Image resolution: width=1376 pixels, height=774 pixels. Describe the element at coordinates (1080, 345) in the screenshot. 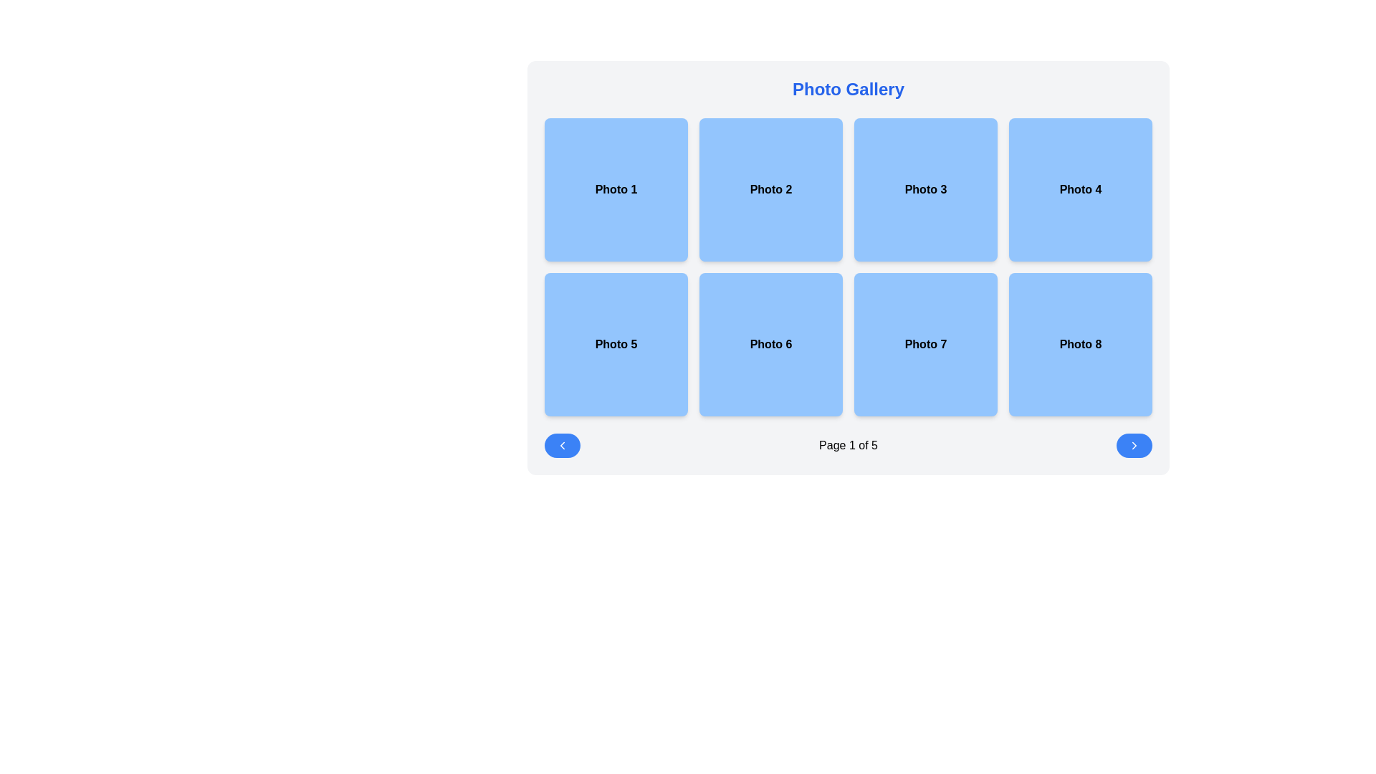

I see `the blue tile with rounded borders and the text 'Photo 8' located in the bottom-right corner of the grid` at that location.